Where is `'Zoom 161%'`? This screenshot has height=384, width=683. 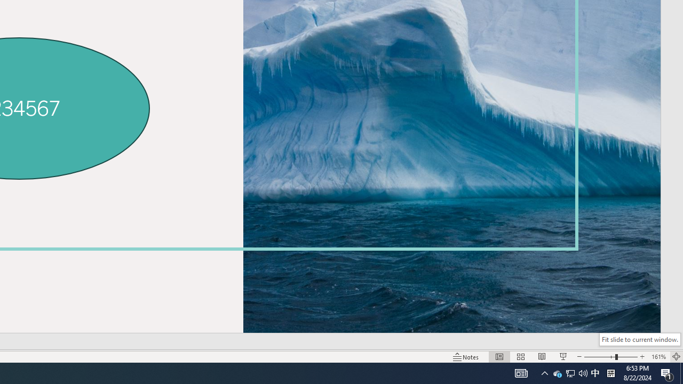
'Zoom 161%' is located at coordinates (658, 357).